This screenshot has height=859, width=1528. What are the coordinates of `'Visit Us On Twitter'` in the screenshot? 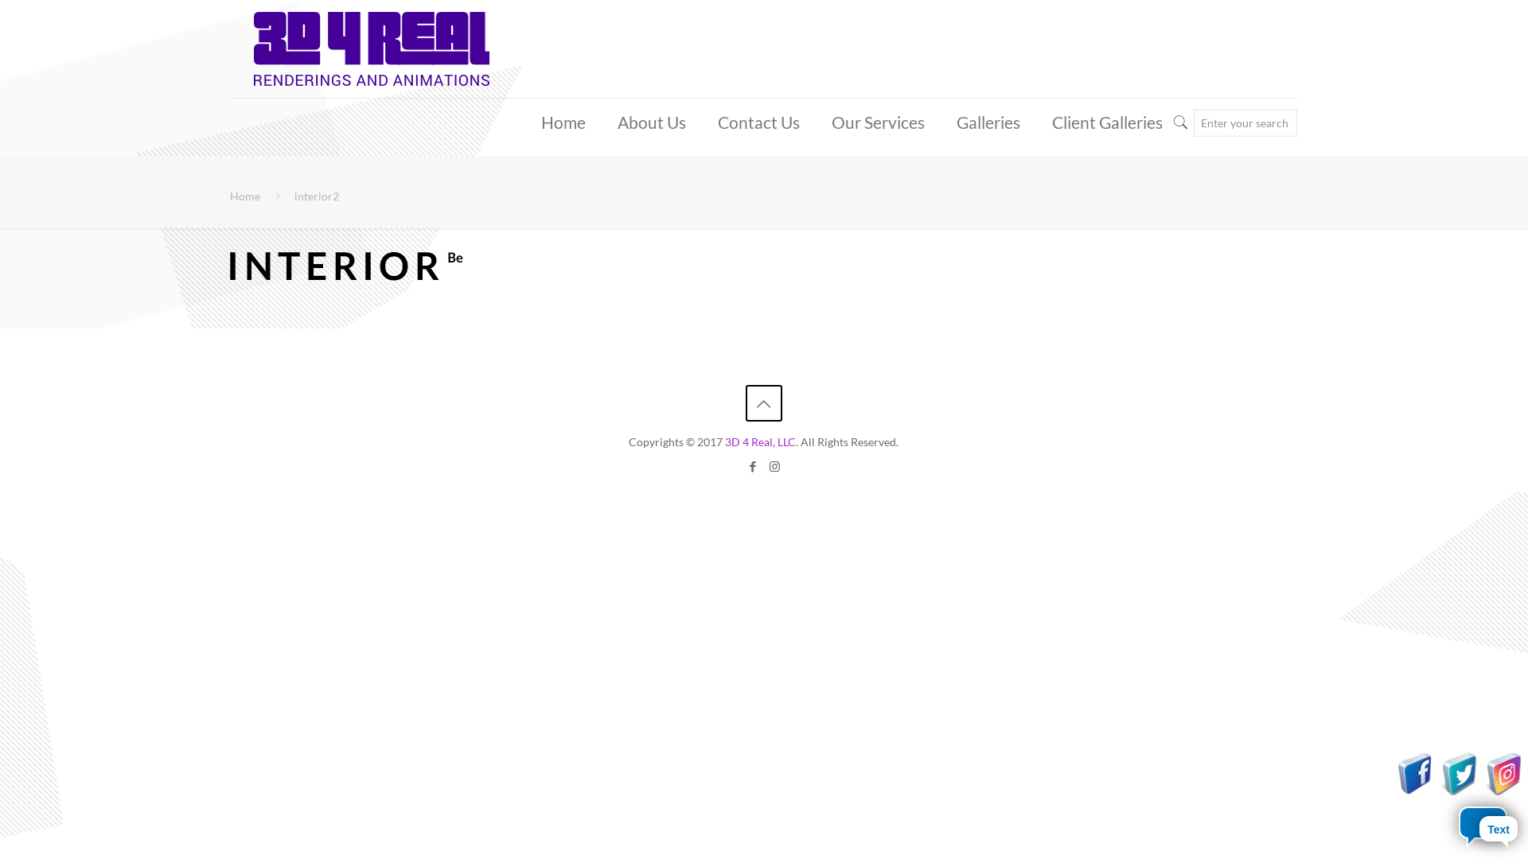 It's located at (1459, 791).